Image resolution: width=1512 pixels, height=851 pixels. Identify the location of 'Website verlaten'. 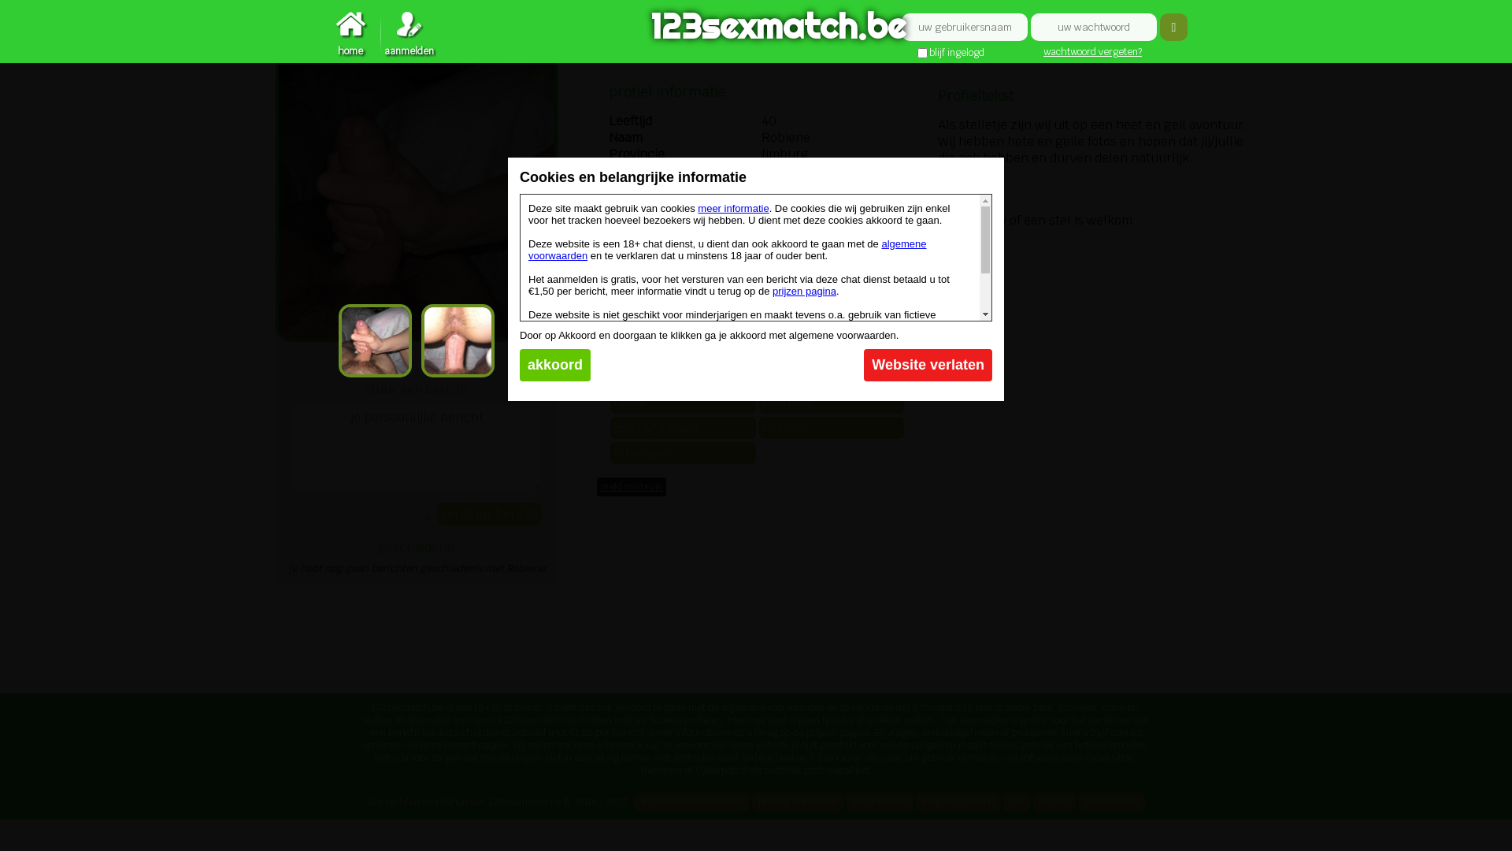
(928, 365).